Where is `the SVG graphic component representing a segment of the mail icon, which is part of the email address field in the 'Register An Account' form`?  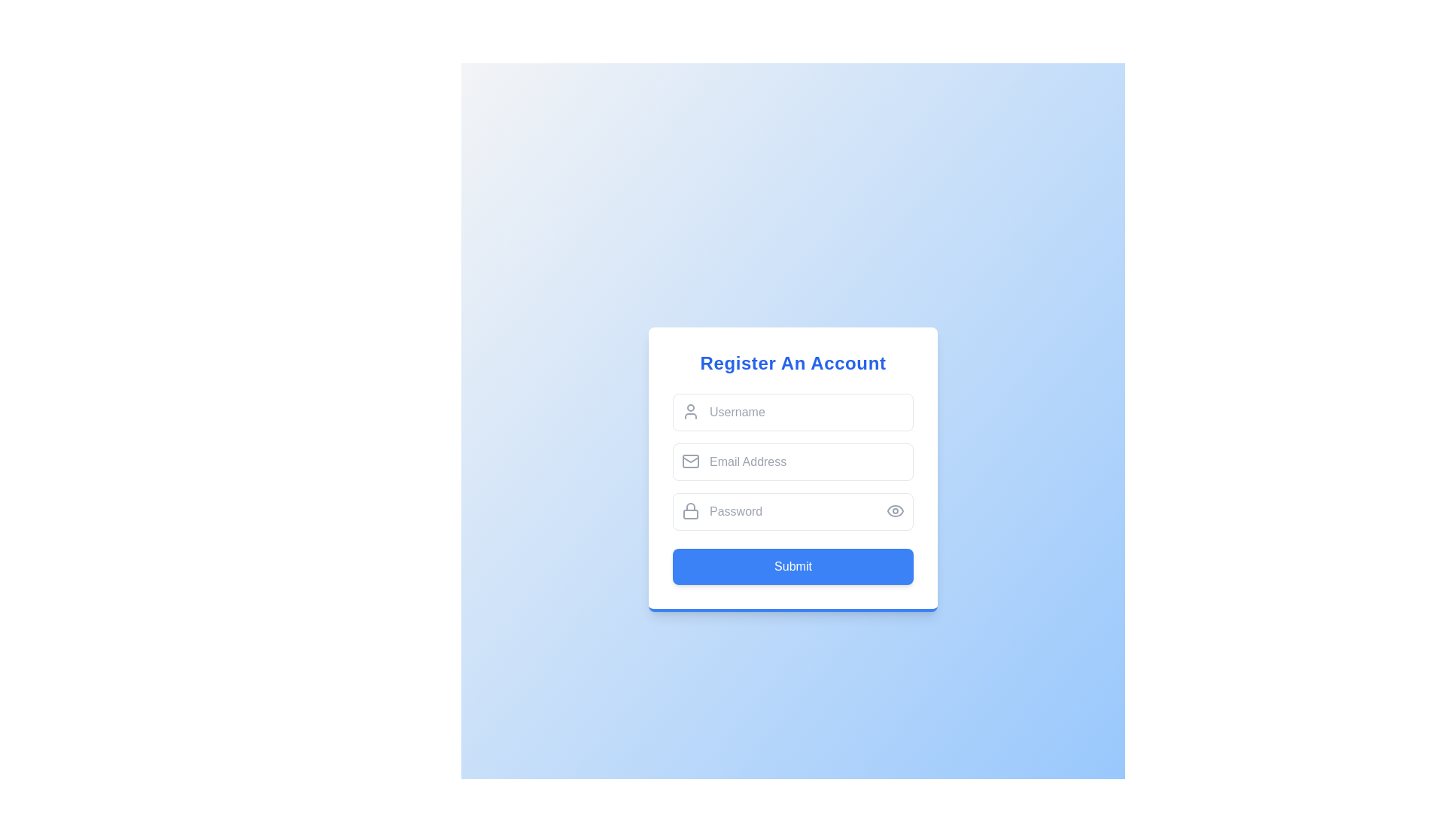 the SVG graphic component representing a segment of the mail icon, which is part of the email address field in the 'Register An Account' form is located at coordinates (689, 461).